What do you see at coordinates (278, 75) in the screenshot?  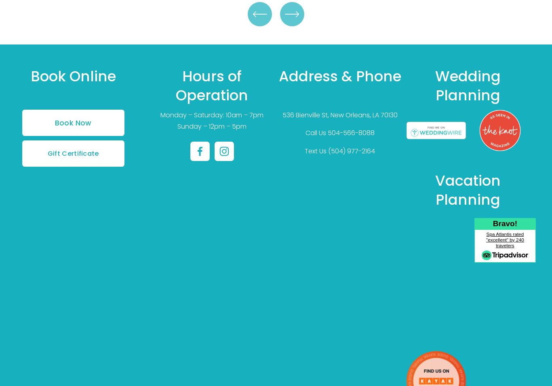 I see `'Address & Phone'` at bounding box center [278, 75].